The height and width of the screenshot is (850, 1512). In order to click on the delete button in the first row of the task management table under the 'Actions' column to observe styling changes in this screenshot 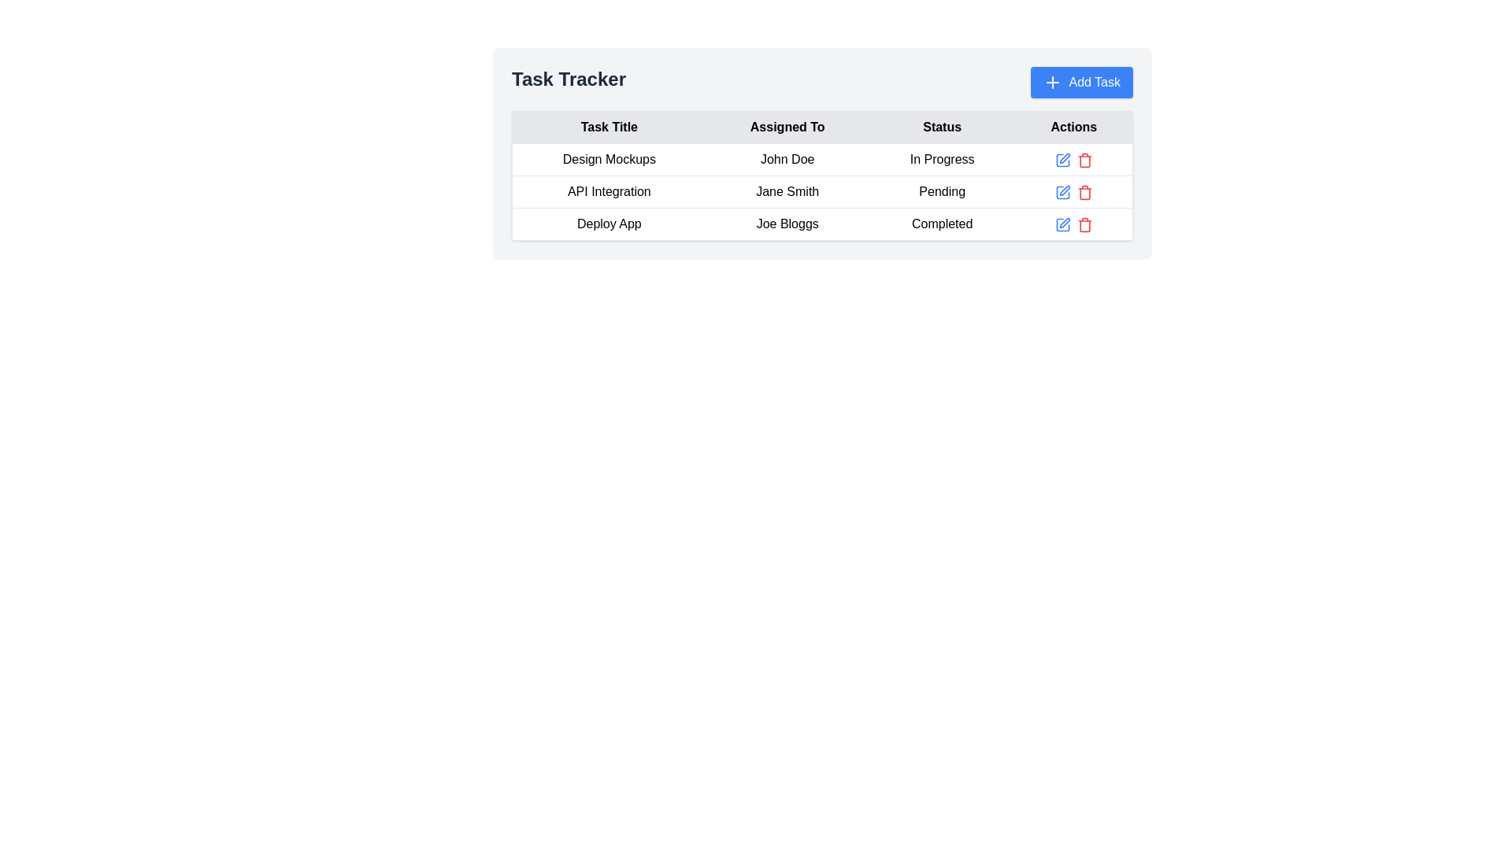, I will do `click(1084, 160)`.